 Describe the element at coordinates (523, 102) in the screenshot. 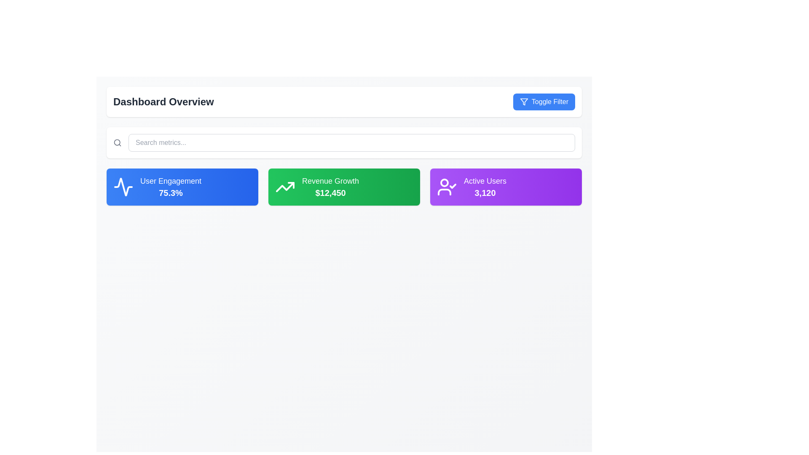

I see `the filter icon, which is an inverted triangle with a stem, part of the blue 'Toggle Filter' button located at the top right corner of the interface` at that location.